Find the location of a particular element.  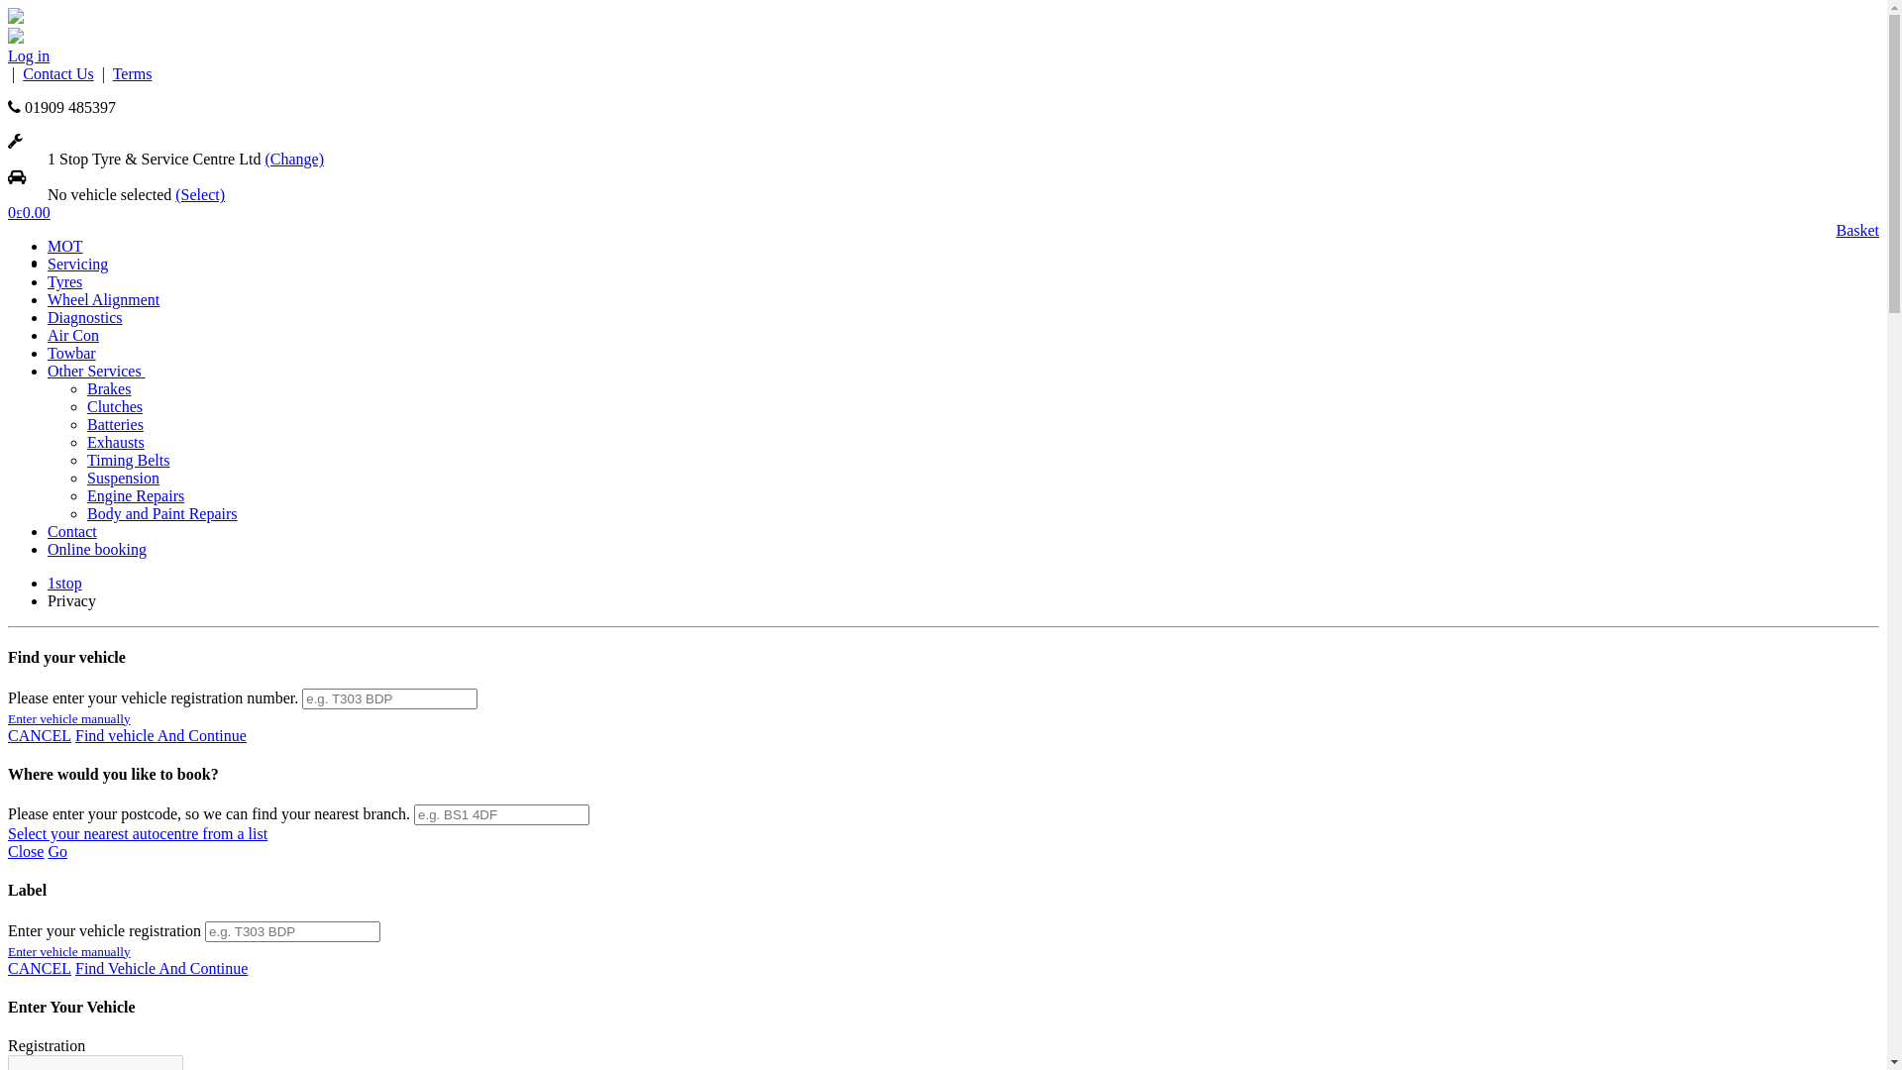

'Online booking' is located at coordinates (95, 549).